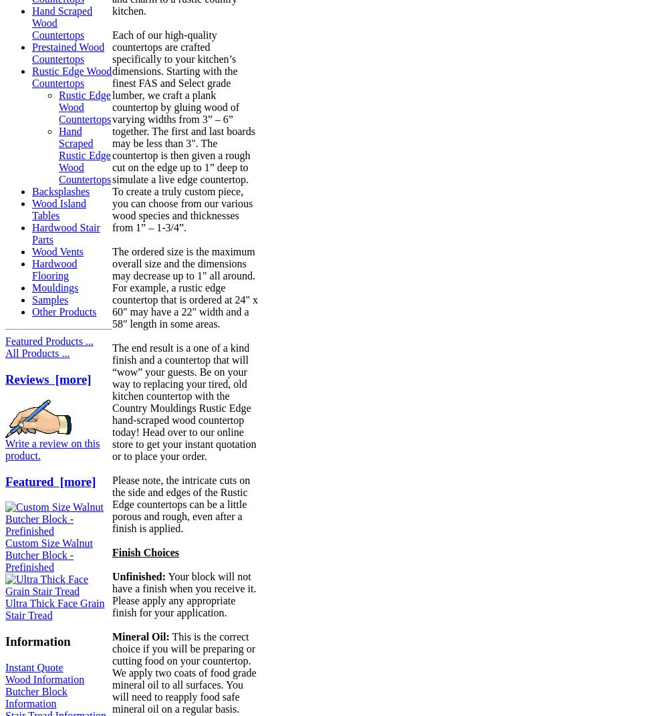 This screenshot has width=647, height=716. Describe the element at coordinates (184, 594) in the screenshot. I see `'Your block will not have a finish when you receive it. Please apply any appropriate finish for your application.'` at that location.